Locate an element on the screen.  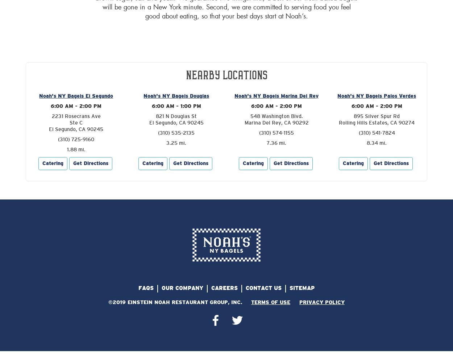
'90292' is located at coordinates (300, 122).